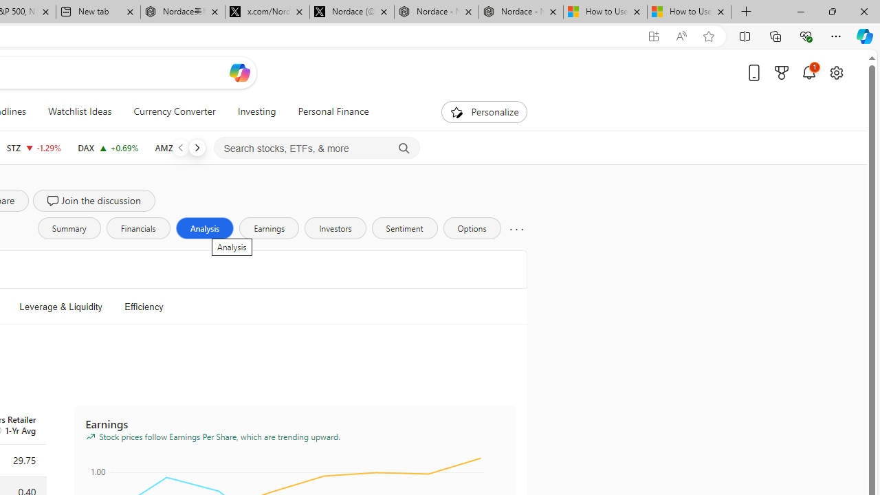  Describe the element at coordinates (203, 227) in the screenshot. I see `'Analysis'` at that location.